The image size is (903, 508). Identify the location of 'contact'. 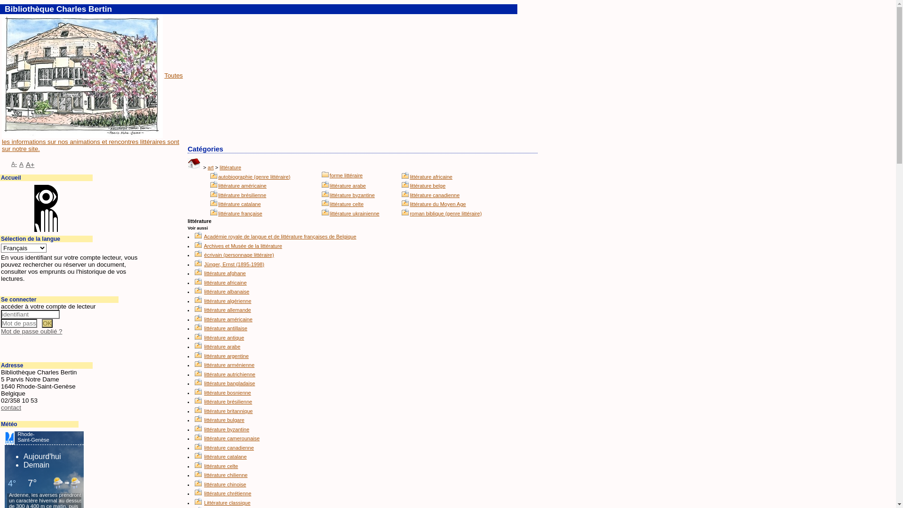
(11, 407).